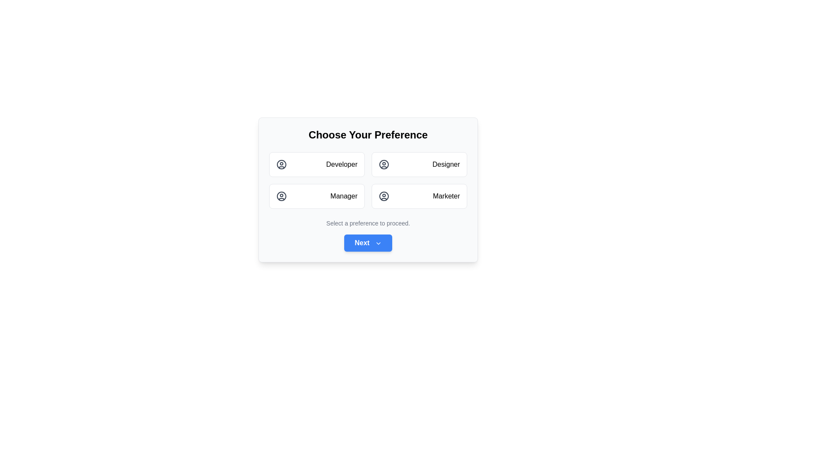 The height and width of the screenshot is (463, 823). I want to click on the button used to proceed to the next step in the process, so click(368, 243).